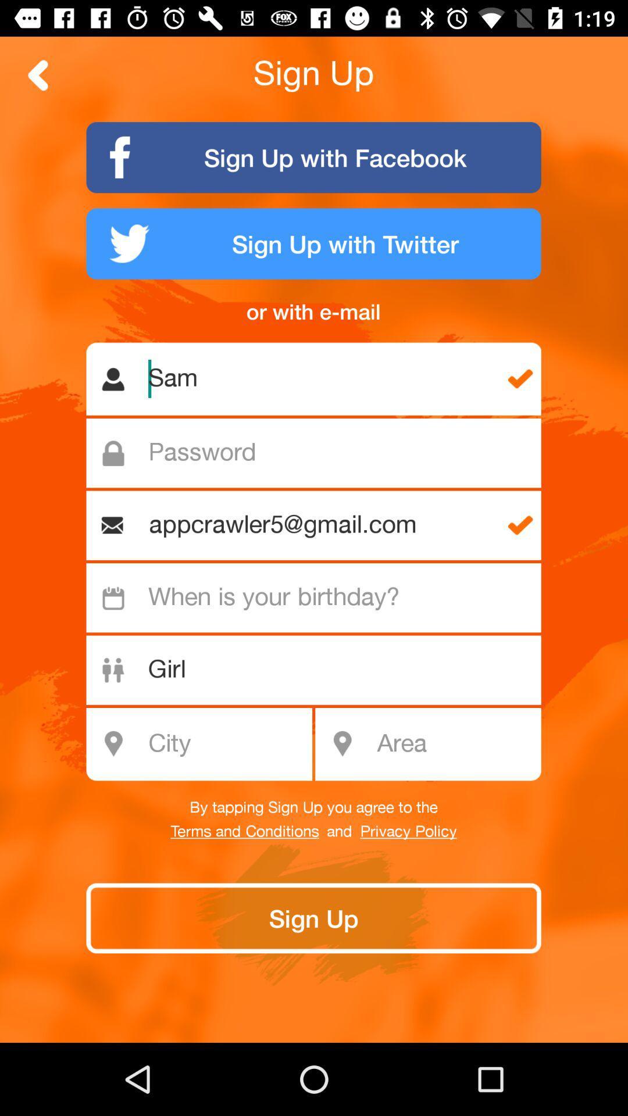  I want to click on birthday option, so click(320, 598).